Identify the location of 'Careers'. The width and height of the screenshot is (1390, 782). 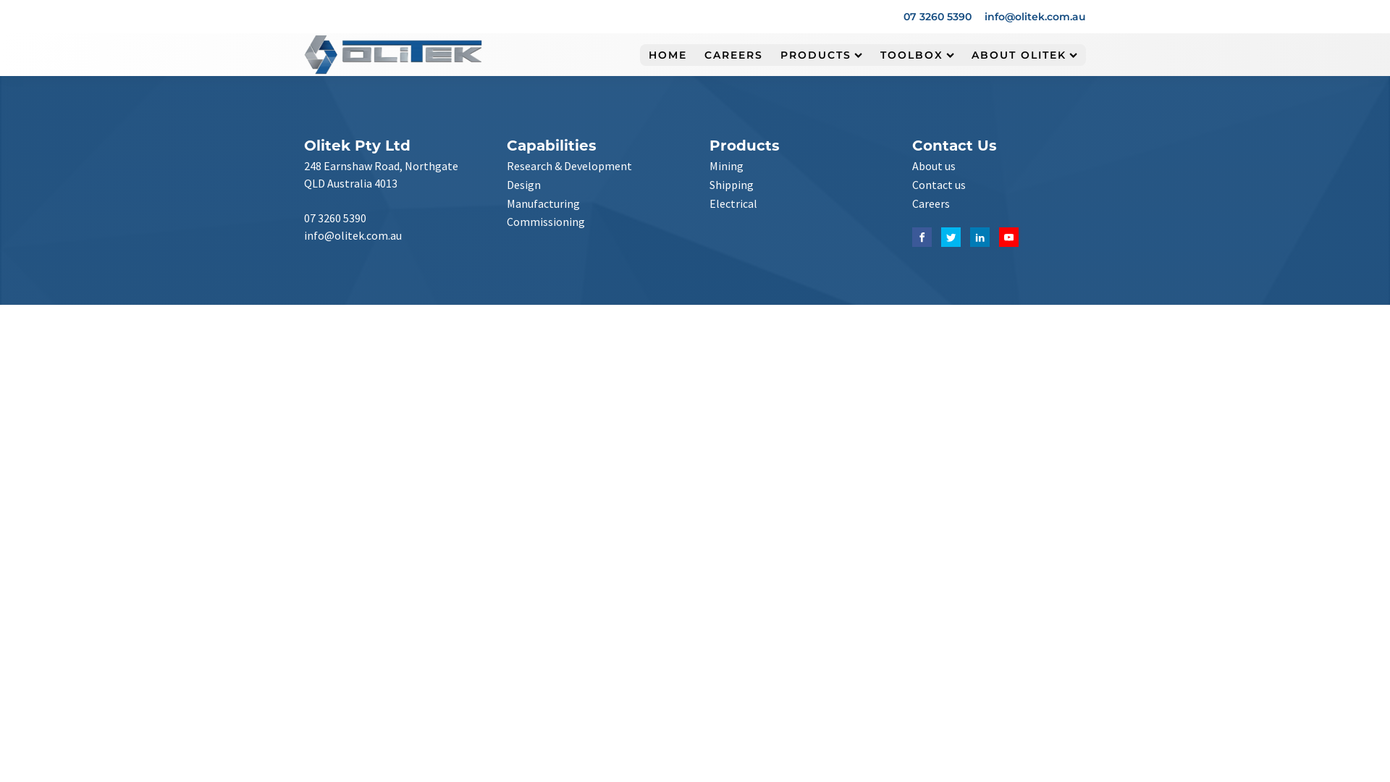
(931, 203).